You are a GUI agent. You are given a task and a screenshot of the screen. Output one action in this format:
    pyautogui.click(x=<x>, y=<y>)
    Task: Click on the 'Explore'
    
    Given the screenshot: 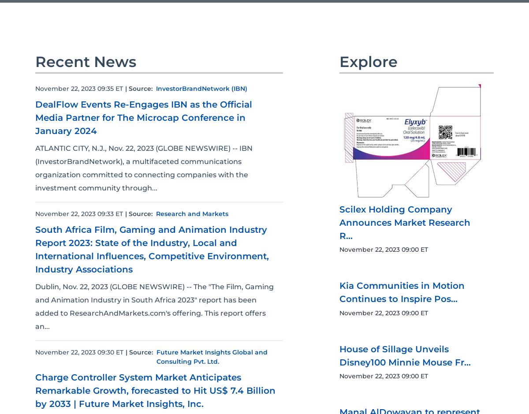 What is the action you would take?
    pyautogui.click(x=368, y=61)
    